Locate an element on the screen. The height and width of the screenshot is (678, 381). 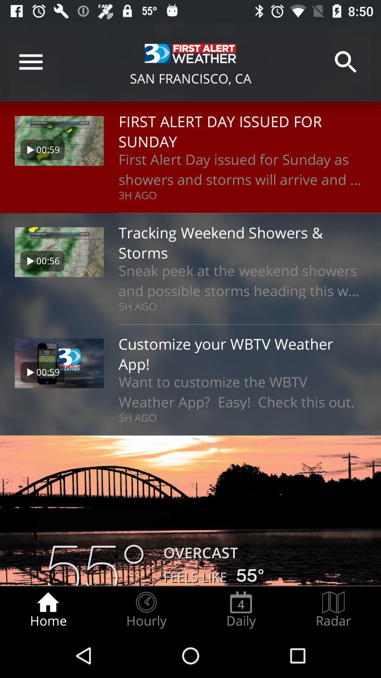
the icon next to daily is located at coordinates (146, 609).